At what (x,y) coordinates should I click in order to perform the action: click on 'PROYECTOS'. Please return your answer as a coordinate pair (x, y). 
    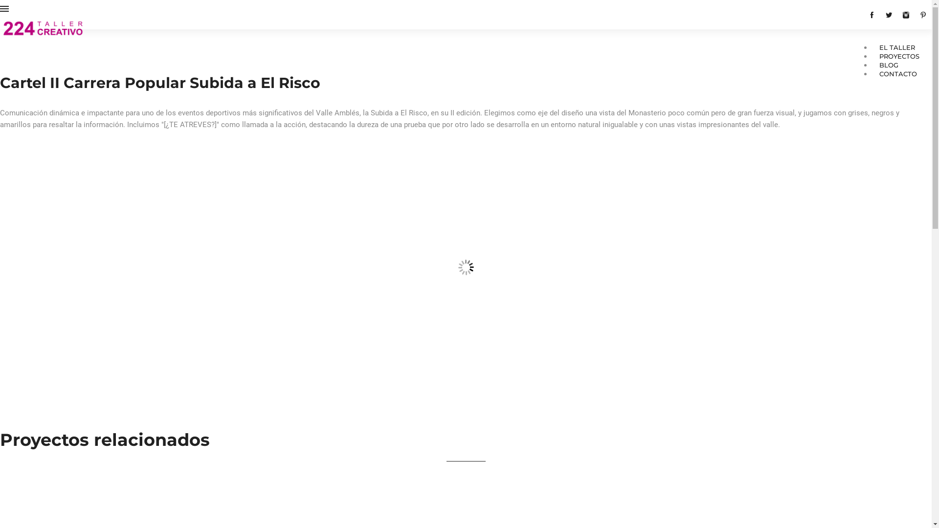
    Looking at the image, I should click on (899, 56).